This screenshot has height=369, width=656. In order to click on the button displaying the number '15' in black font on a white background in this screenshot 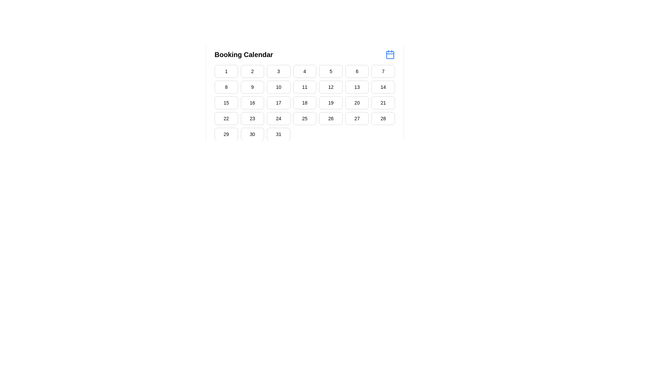, I will do `click(226, 102)`.